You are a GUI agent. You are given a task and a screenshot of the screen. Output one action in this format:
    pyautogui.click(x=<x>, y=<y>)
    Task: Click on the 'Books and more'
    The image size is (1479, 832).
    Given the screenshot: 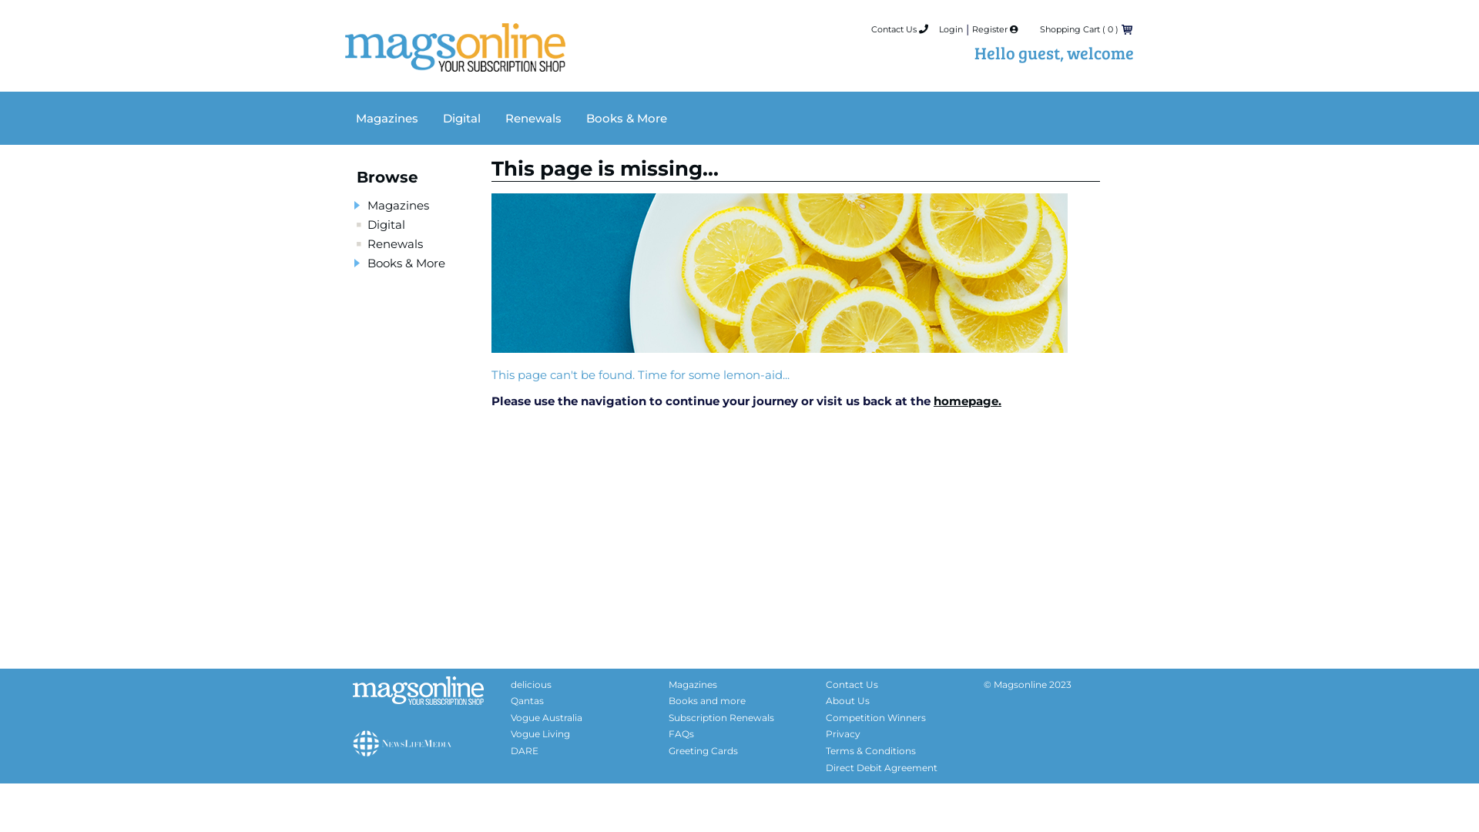 What is the action you would take?
    pyautogui.click(x=706, y=700)
    